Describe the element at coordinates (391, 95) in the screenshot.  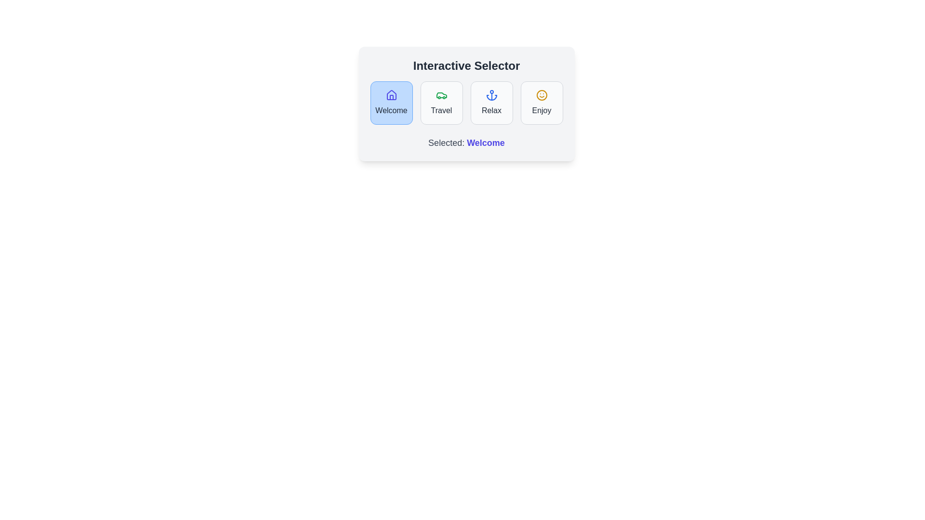
I see `the small blue house icon with rounded edges that is centrally positioned above the 'Welcome' text in the selectable 'Welcome' card` at that location.